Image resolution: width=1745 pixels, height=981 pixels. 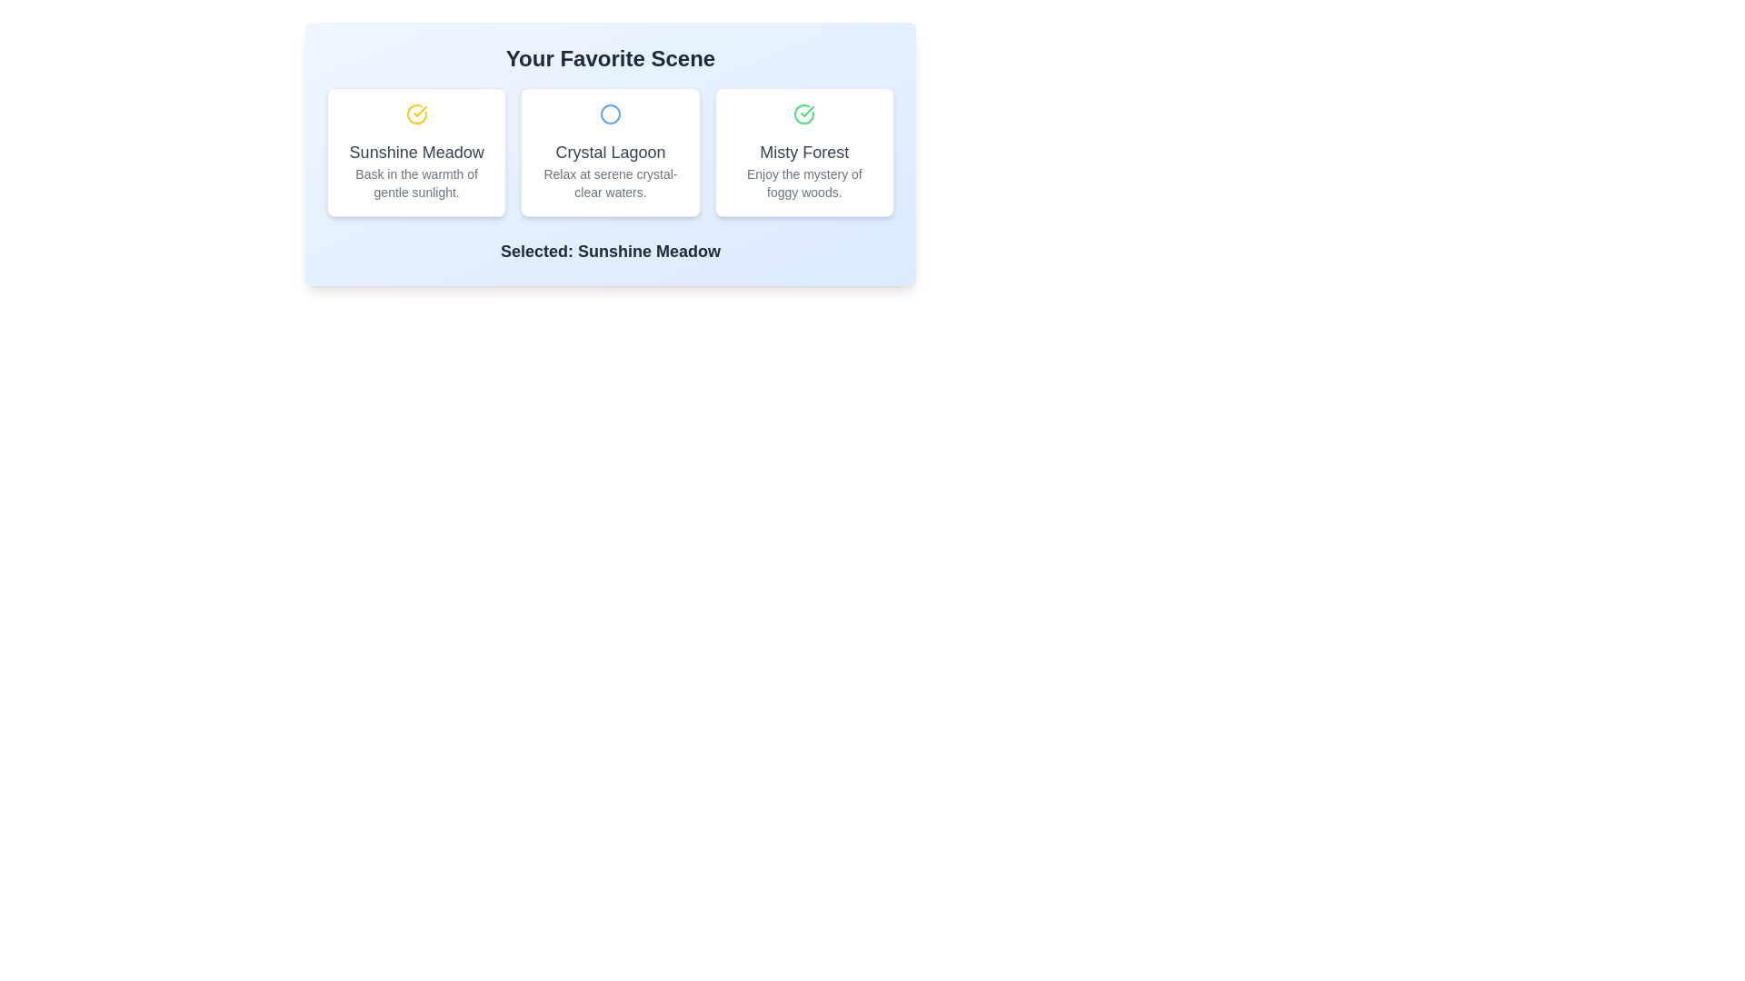 What do you see at coordinates (611, 114) in the screenshot?
I see `properties of the inner circle of the 'Crystal Lagoon' graphic icon, which has a blue outer border and white interior` at bounding box center [611, 114].